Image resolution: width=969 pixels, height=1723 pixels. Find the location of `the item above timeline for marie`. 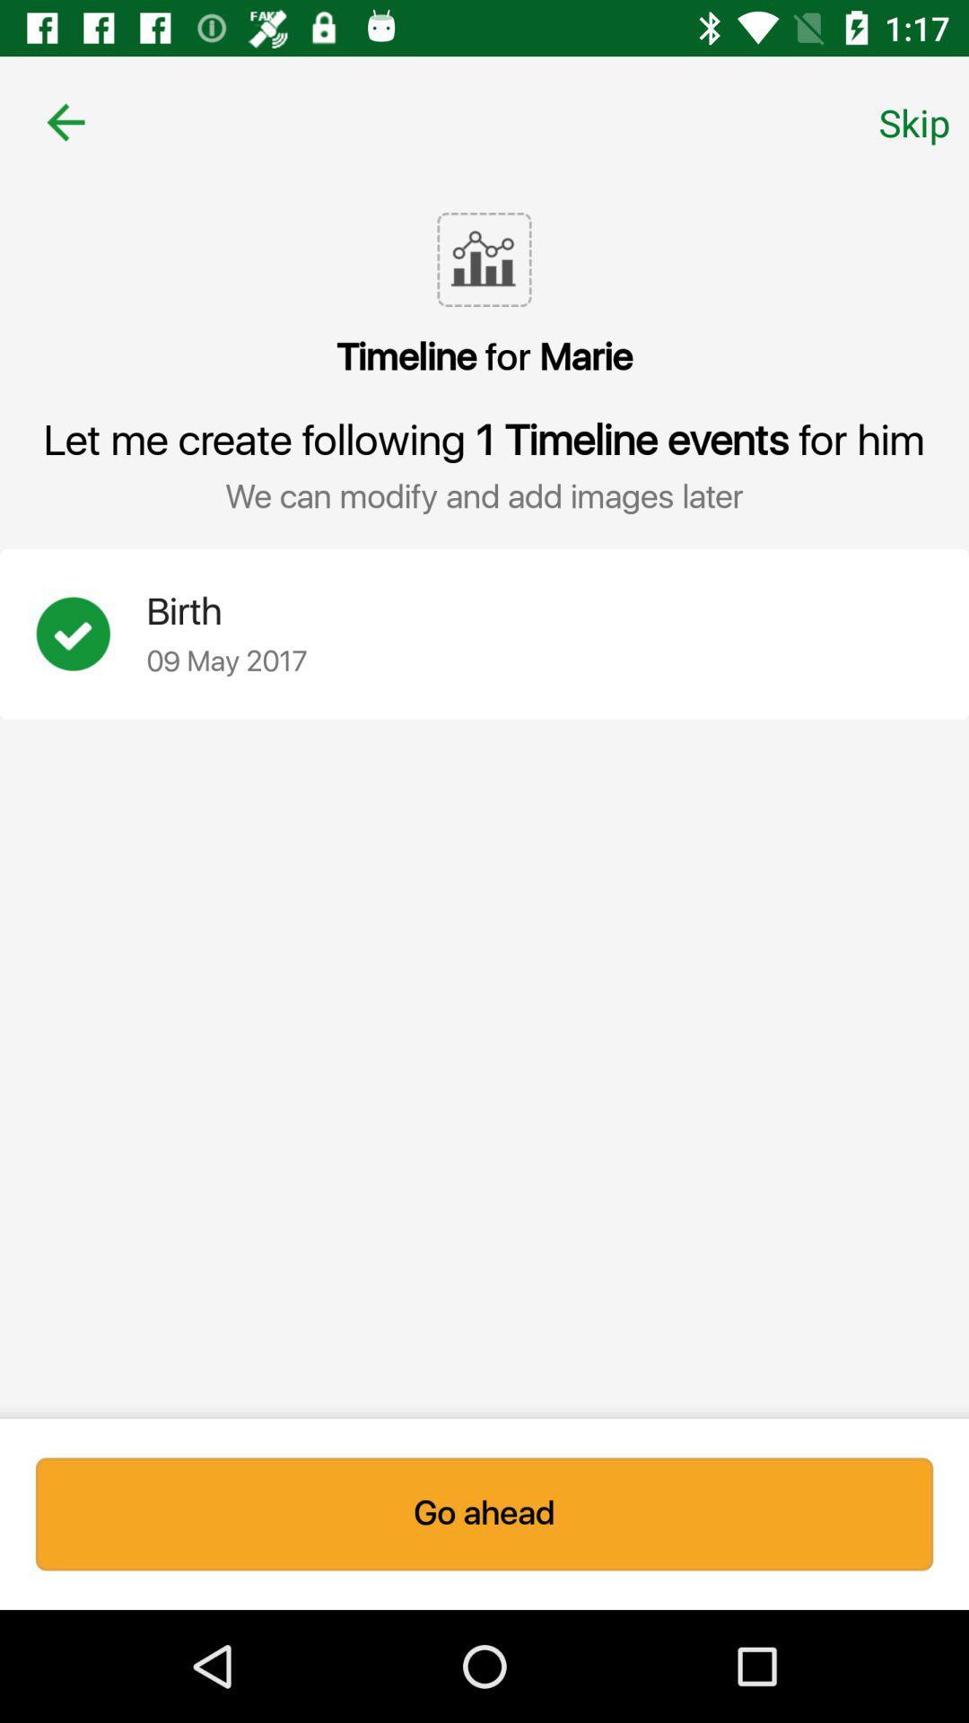

the item above timeline for marie is located at coordinates (914, 121).